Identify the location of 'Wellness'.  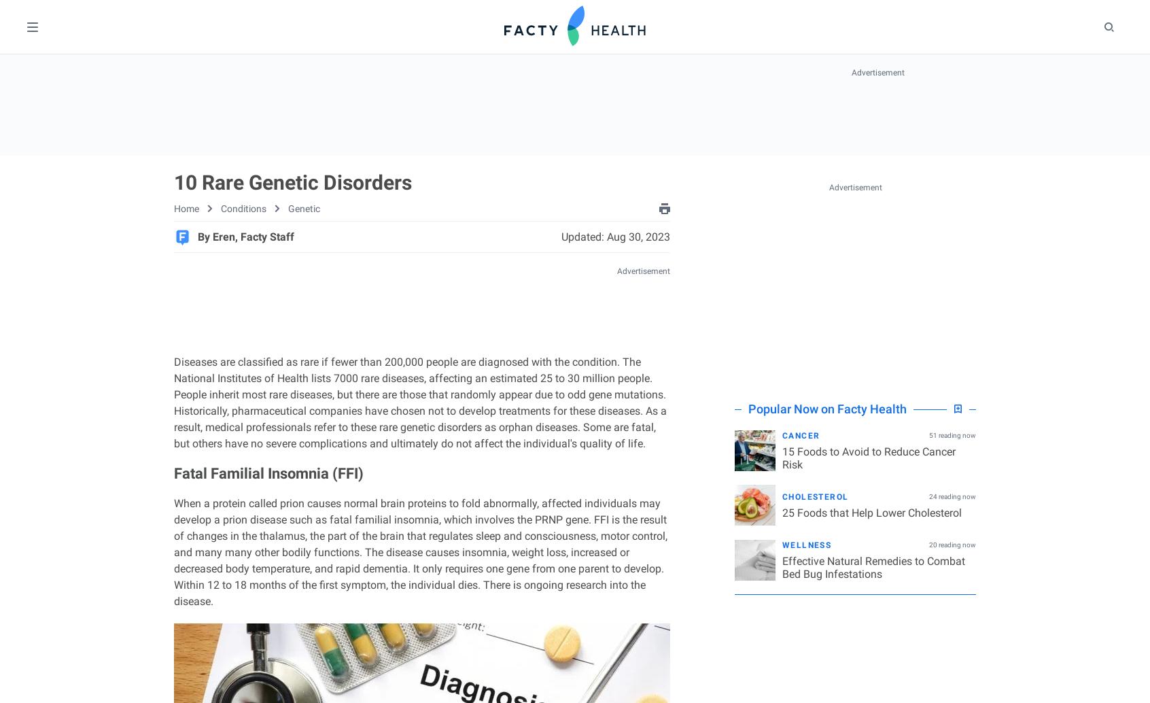
(805, 544).